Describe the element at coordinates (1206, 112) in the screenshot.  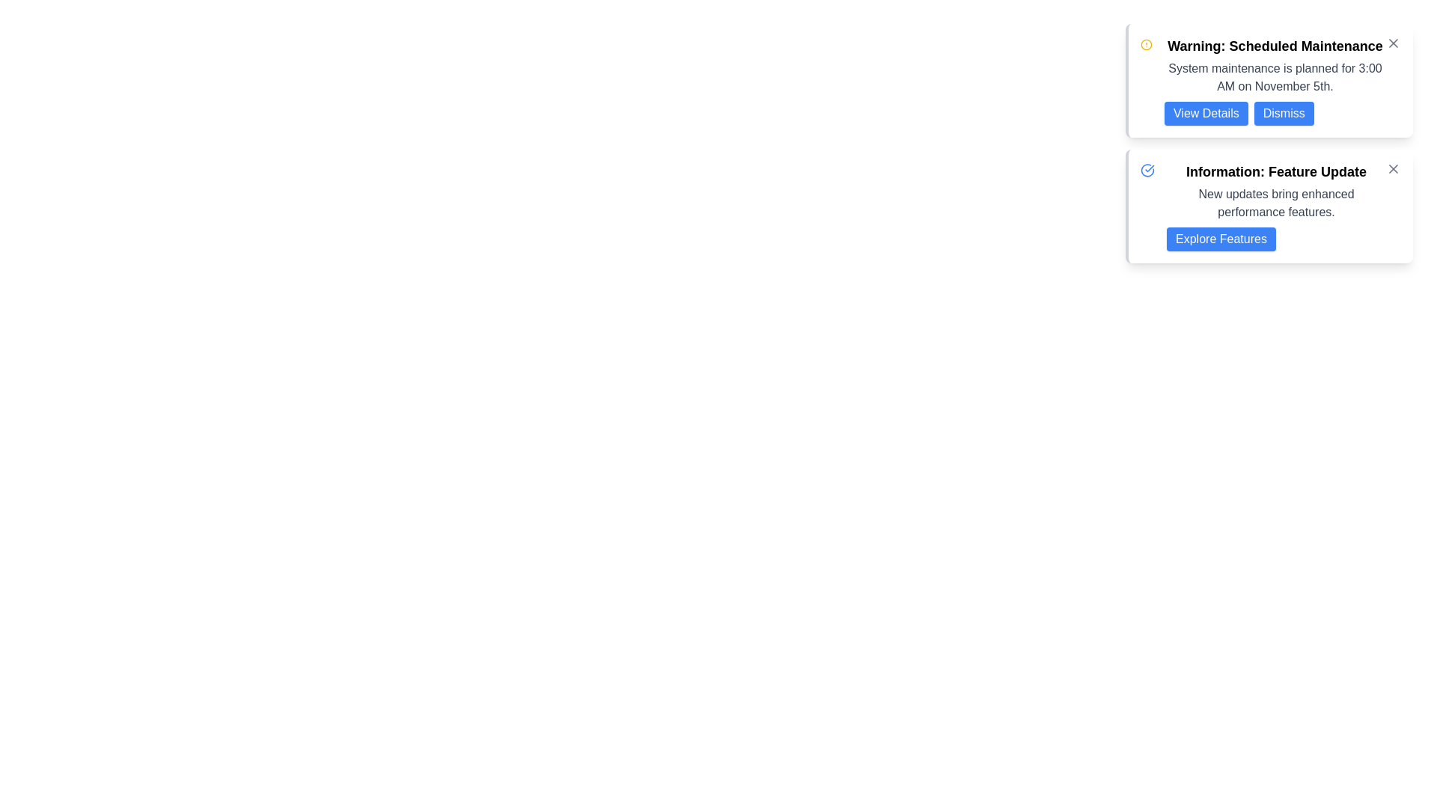
I see `the 'View Details' button in the notification card to change its color` at that location.